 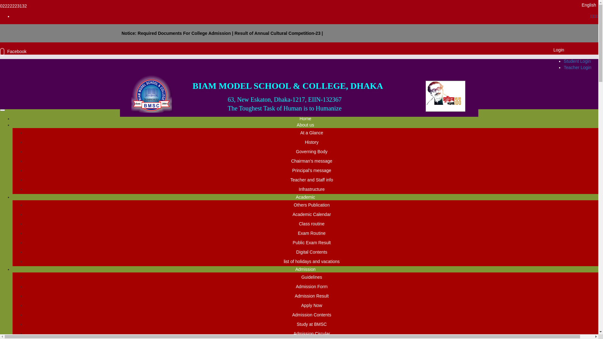 What do you see at coordinates (312, 142) in the screenshot?
I see `'History'` at bounding box center [312, 142].